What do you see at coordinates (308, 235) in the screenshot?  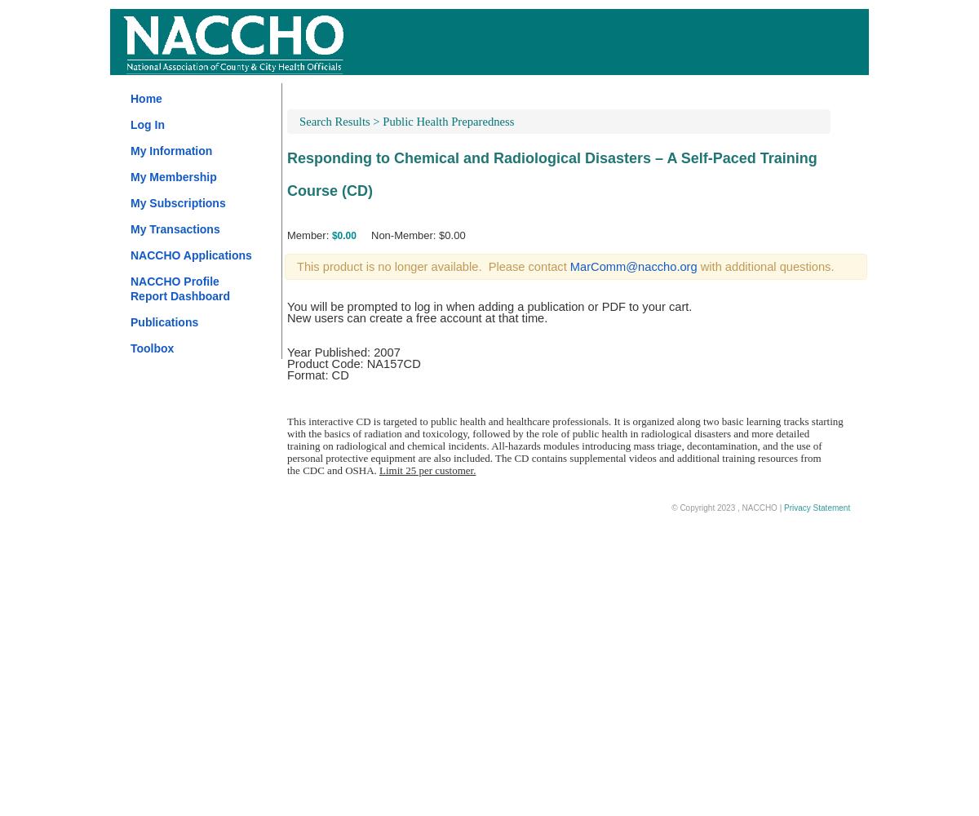 I see `'Member:'` at bounding box center [308, 235].